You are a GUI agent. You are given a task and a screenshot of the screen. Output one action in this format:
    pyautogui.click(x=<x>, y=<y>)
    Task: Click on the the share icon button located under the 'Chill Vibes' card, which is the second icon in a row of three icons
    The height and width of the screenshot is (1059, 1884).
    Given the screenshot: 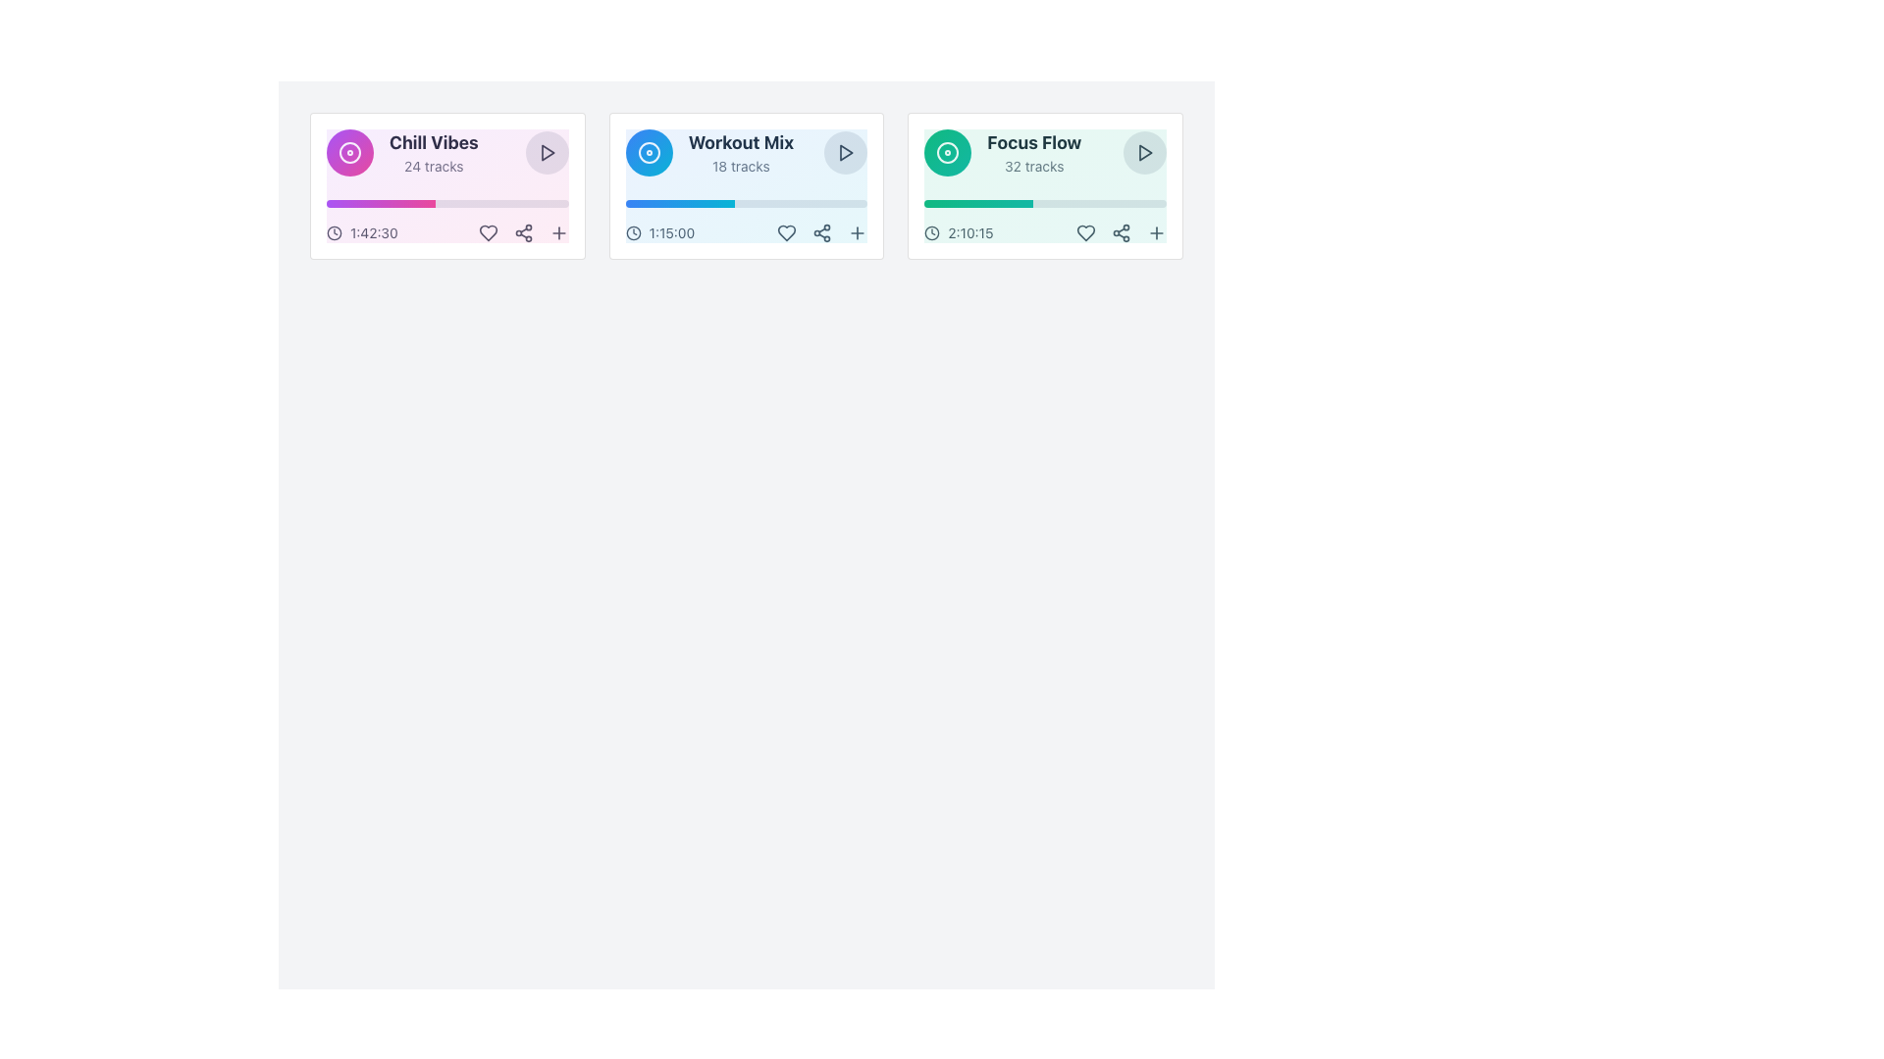 What is the action you would take?
    pyautogui.click(x=523, y=232)
    